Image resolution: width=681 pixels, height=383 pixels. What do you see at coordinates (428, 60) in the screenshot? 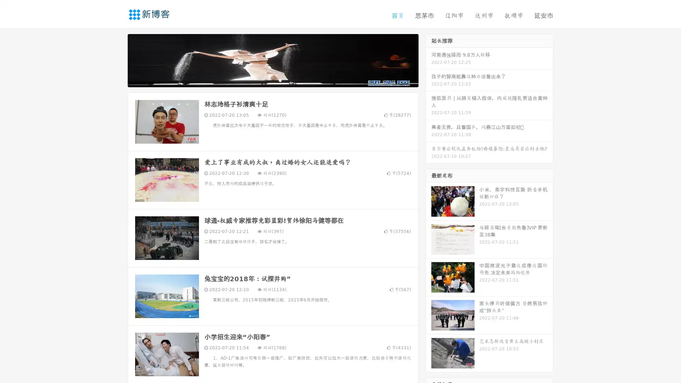
I see `Next slide` at bounding box center [428, 60].